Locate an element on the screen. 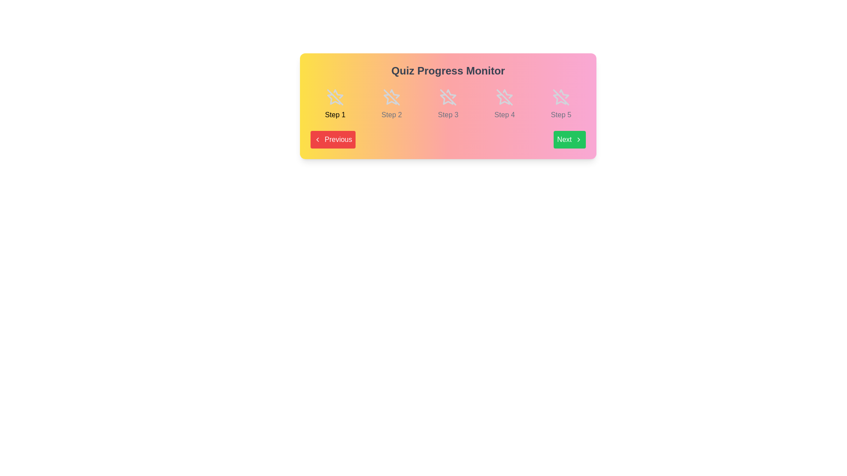 This screenshot has width=847, height=476. the progress monitor for the quiz to identify the current step in the process by checking the embedded text and buttons is located at coordinates (448, 105).